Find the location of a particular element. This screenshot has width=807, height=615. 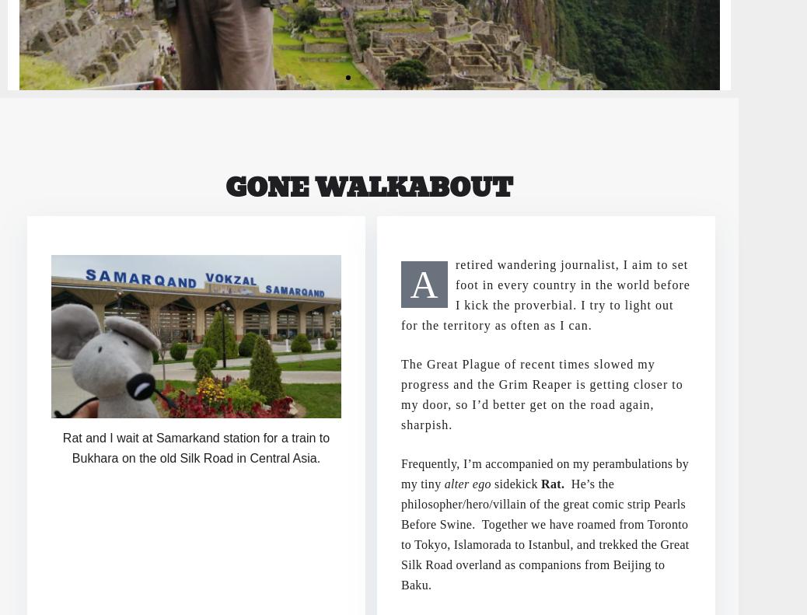

'He’s the philosopher/hero/villain of the great comic strip' is located at coordinates (400, 493).